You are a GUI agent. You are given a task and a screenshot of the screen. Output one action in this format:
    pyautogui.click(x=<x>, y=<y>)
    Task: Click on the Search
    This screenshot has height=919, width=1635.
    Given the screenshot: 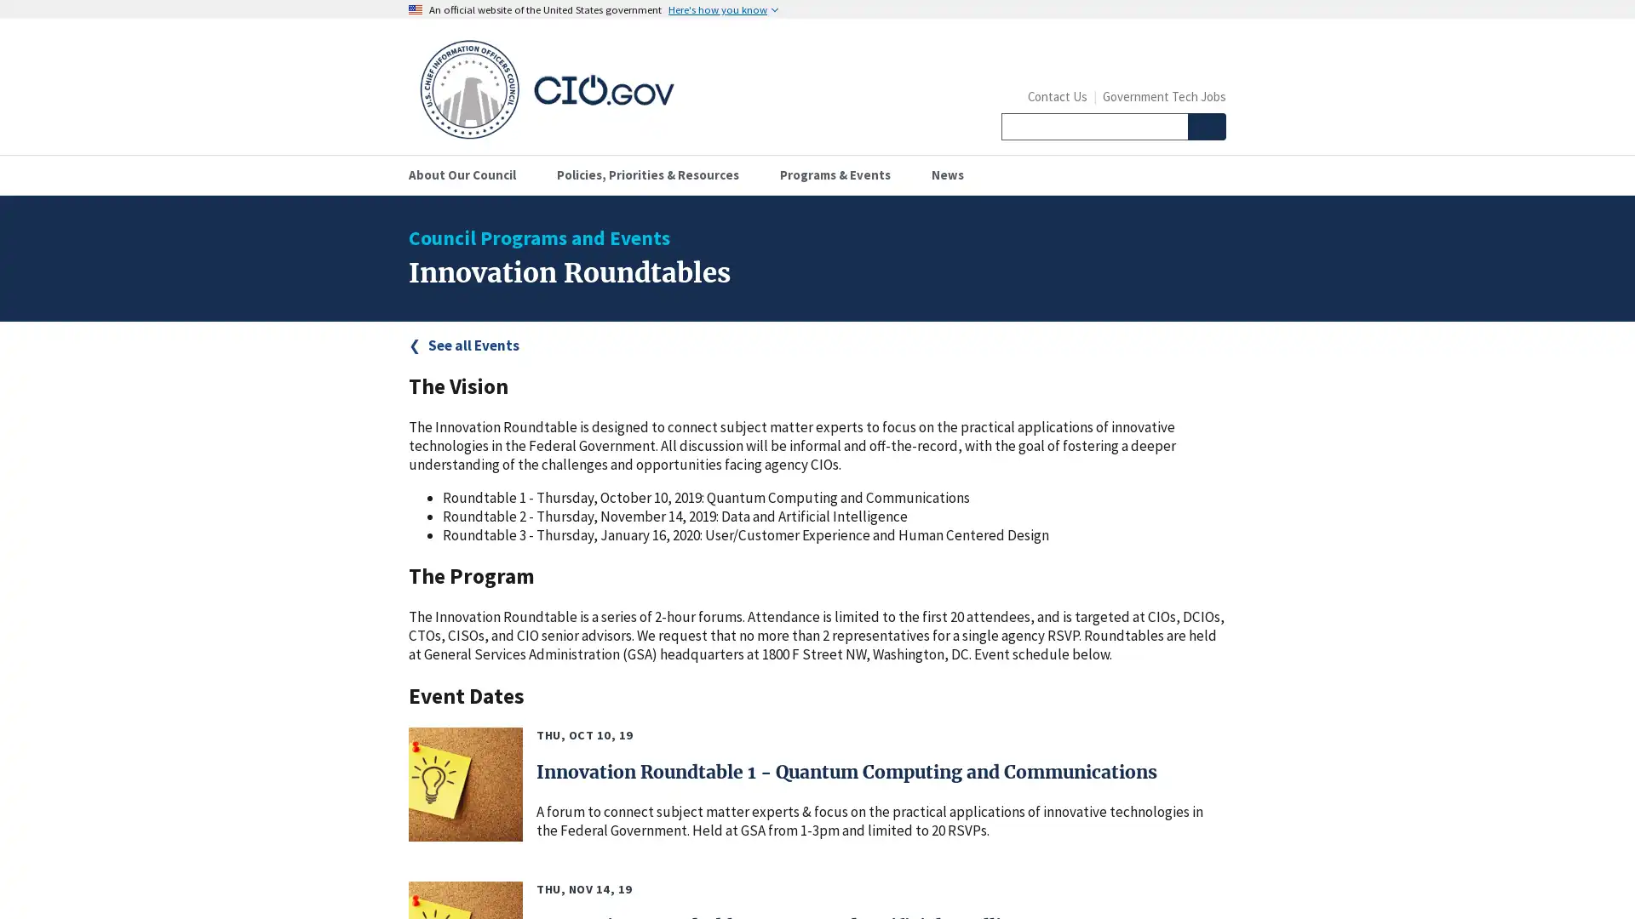 What is the action you would take?
    pyautogui.click(x=1205, y=126)
    